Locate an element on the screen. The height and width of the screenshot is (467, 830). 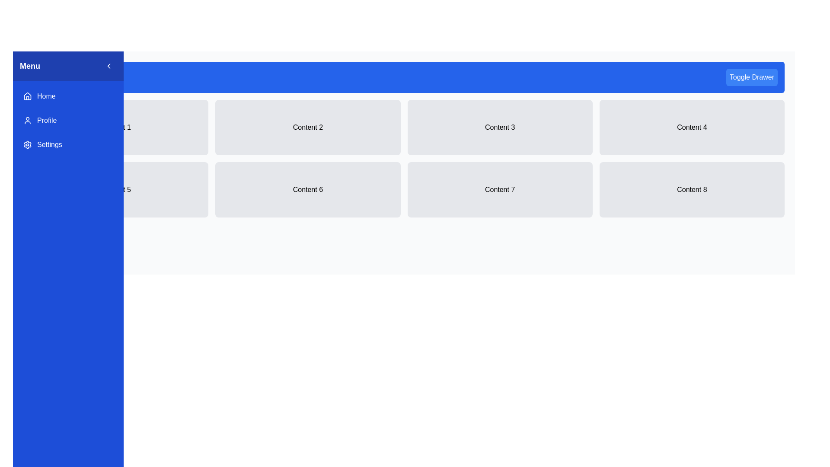
the navigation option text label that represents the homepage within the vertical side menu on the left-hand side of the interface is located at coordinates (46, 96).